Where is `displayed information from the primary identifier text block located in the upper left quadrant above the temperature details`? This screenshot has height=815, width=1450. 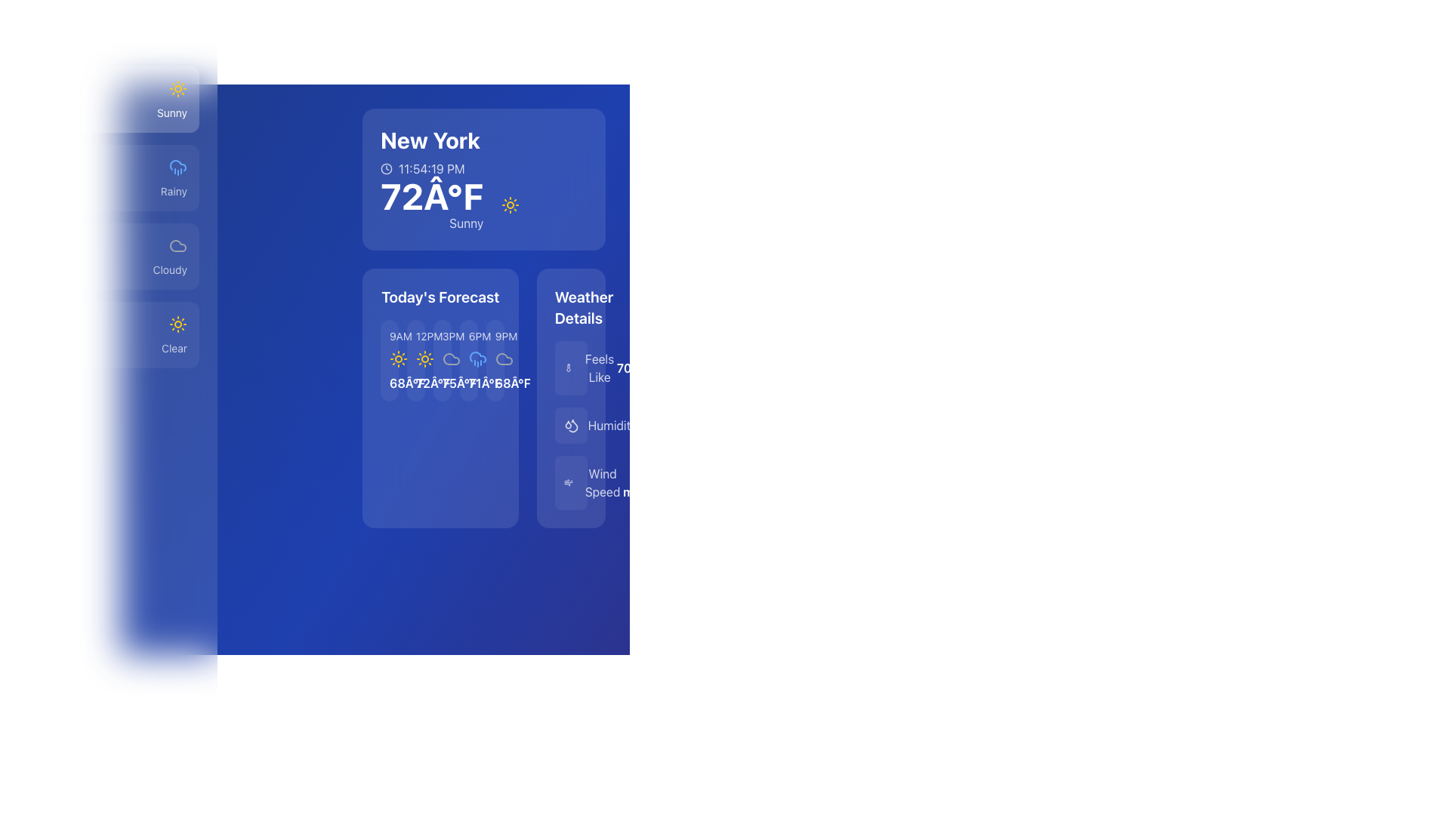
displayed information from the primary identifier text block located in the upper left quadrant above the temperature details is located at coordinates (429, 152).